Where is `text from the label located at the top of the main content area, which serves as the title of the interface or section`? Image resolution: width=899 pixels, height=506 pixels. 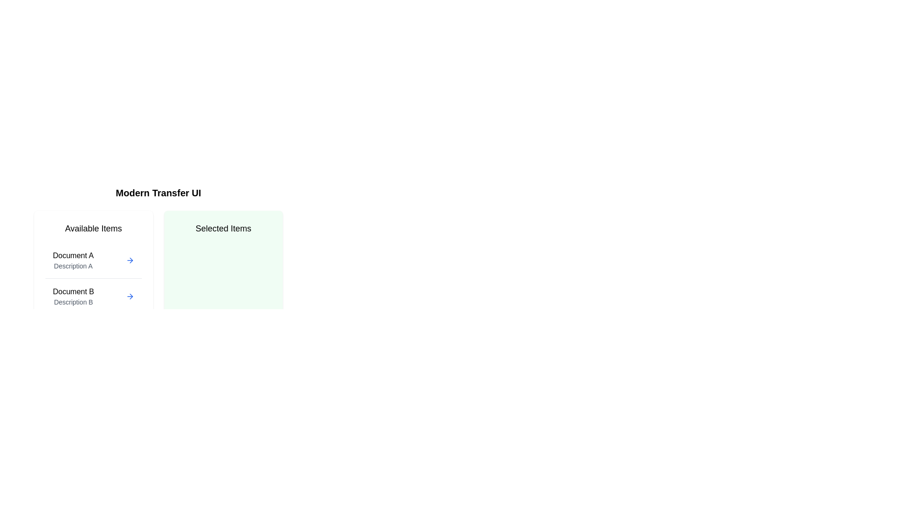
text from the label located at the top of the main content area, which serves as the title of the interface or section is located at coordinates (158, 193).